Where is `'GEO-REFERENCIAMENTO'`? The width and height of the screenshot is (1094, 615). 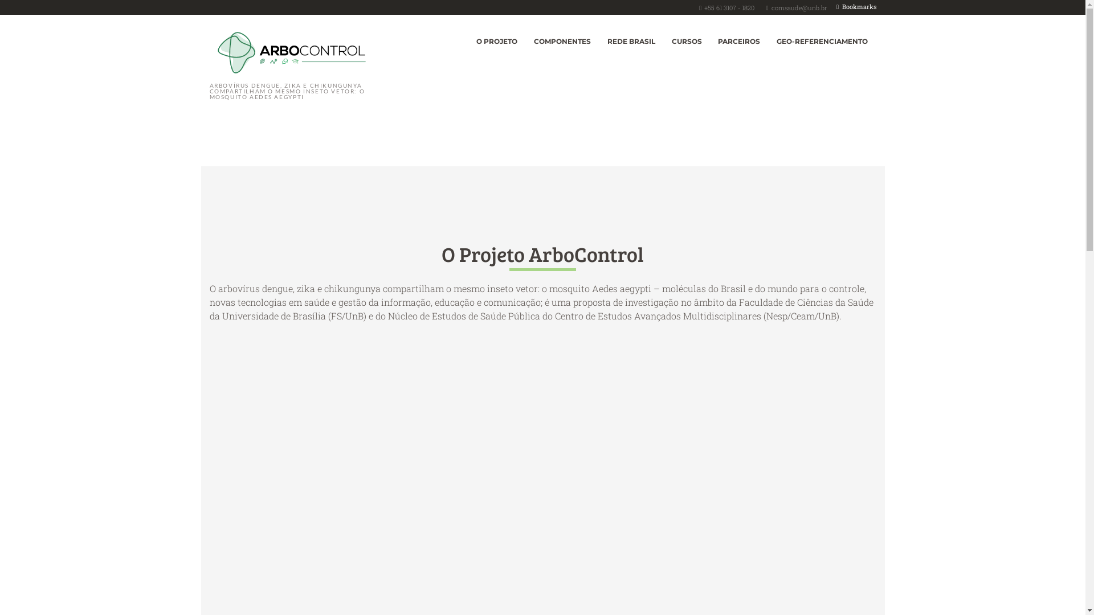 'GEO-REFERENCIAMENTO' is located at coordinates (822, 41).